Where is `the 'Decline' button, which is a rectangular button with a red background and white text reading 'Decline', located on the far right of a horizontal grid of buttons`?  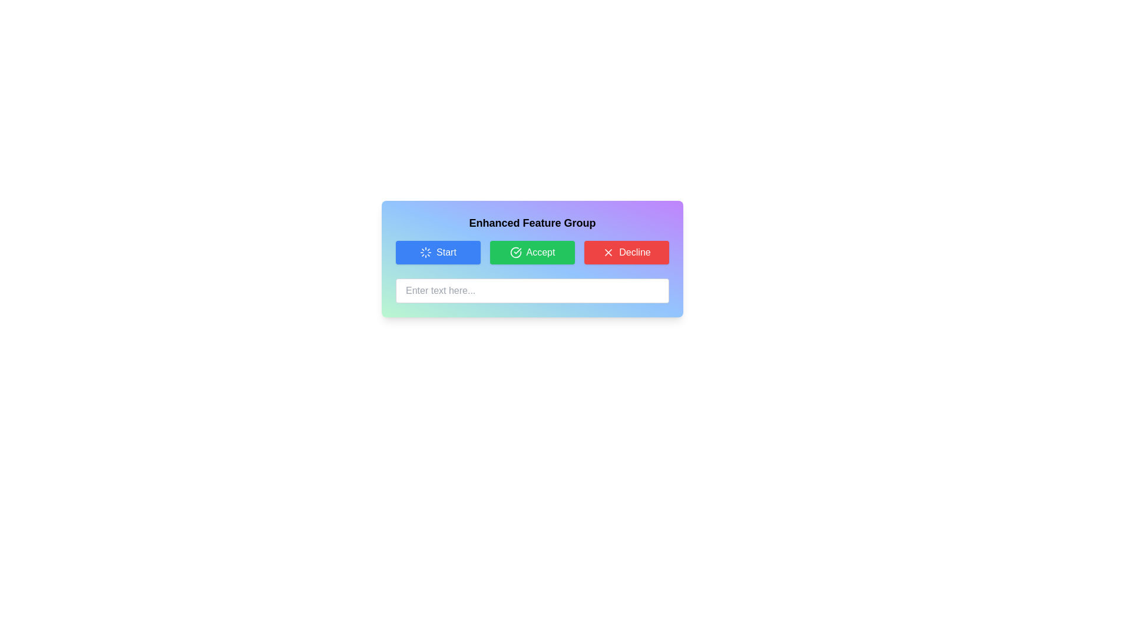 the 'Decline' button, which is a rectangular button with a red background and white text reading 'Decline', located on the far right of a horizontal grid of buttons is located at coordinates (626, 251).